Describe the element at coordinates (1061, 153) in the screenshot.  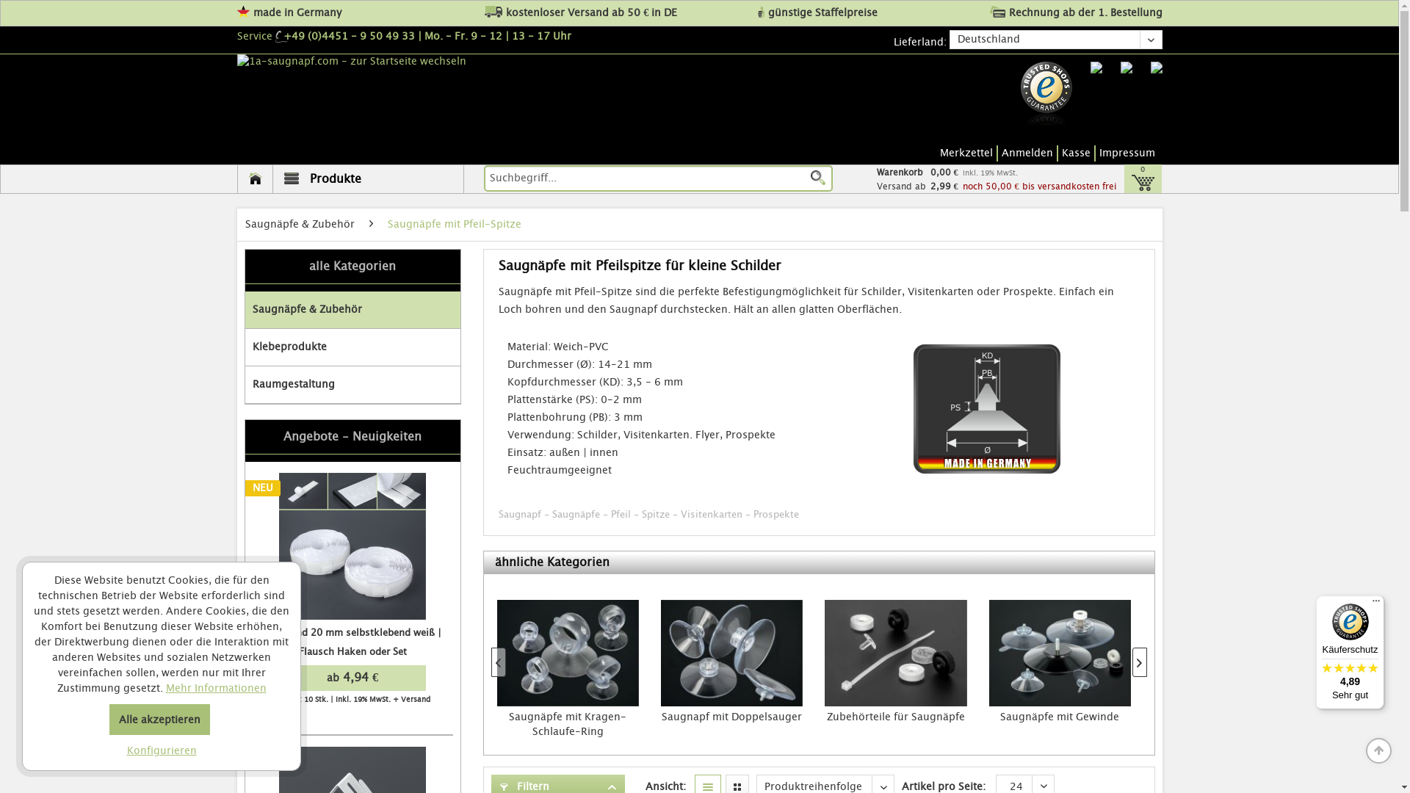
I see `'Kasse'` at that location.